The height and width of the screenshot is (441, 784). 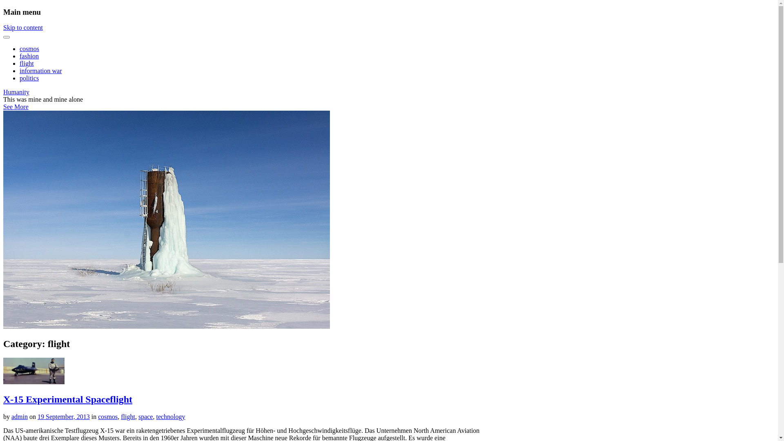 What do you see at coordinates (11, 416) in the screenshot?
I see `'admin'` at bounding box center [11, 416].